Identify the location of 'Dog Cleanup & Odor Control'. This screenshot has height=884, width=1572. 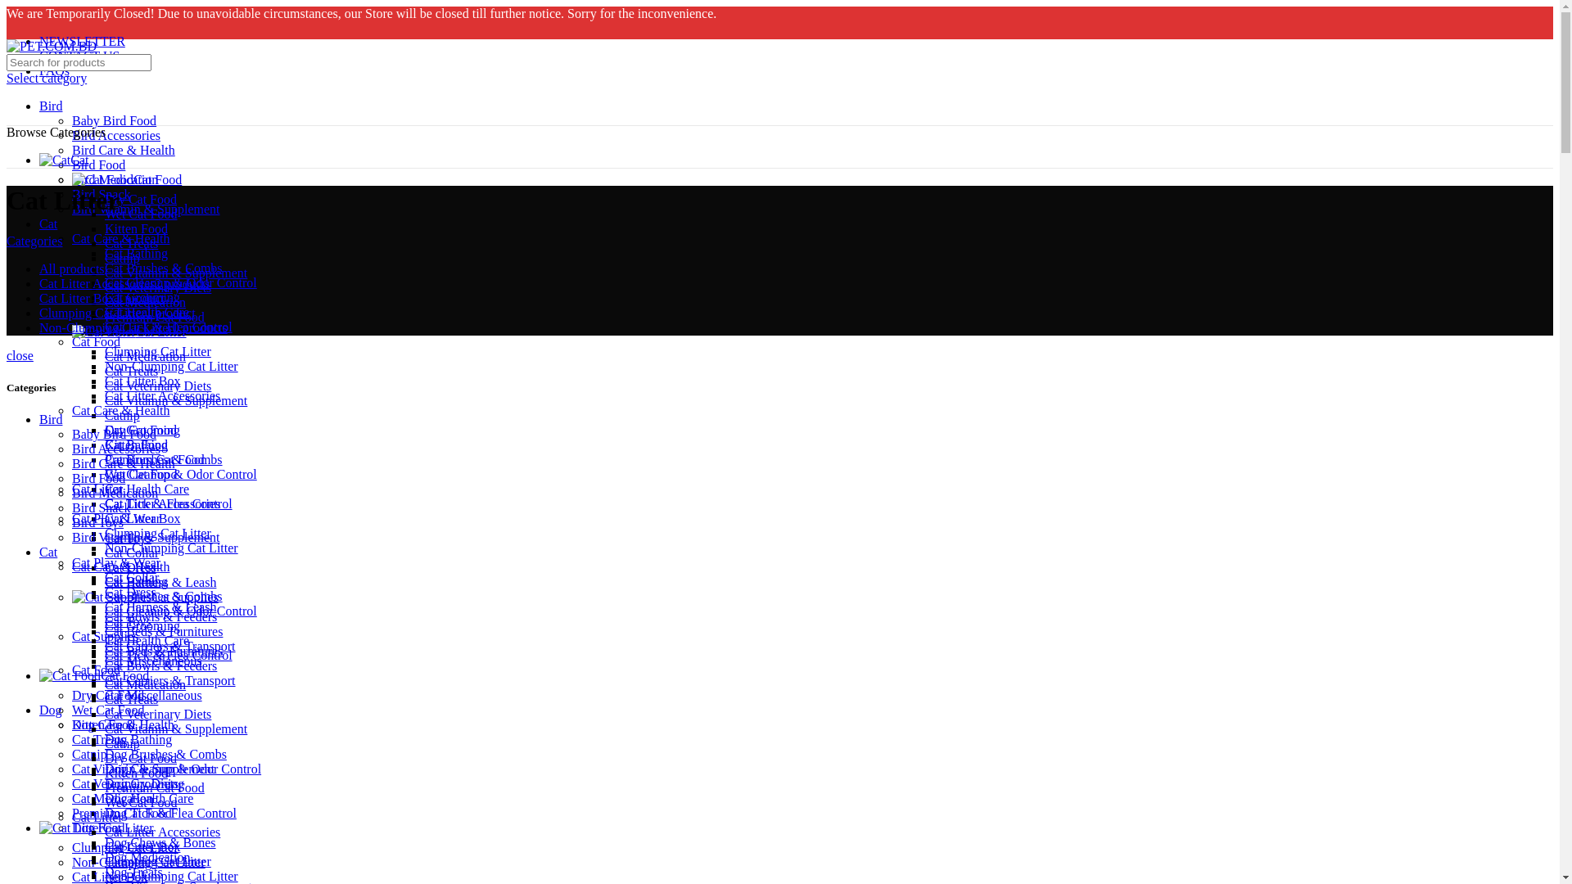
(183, 769).